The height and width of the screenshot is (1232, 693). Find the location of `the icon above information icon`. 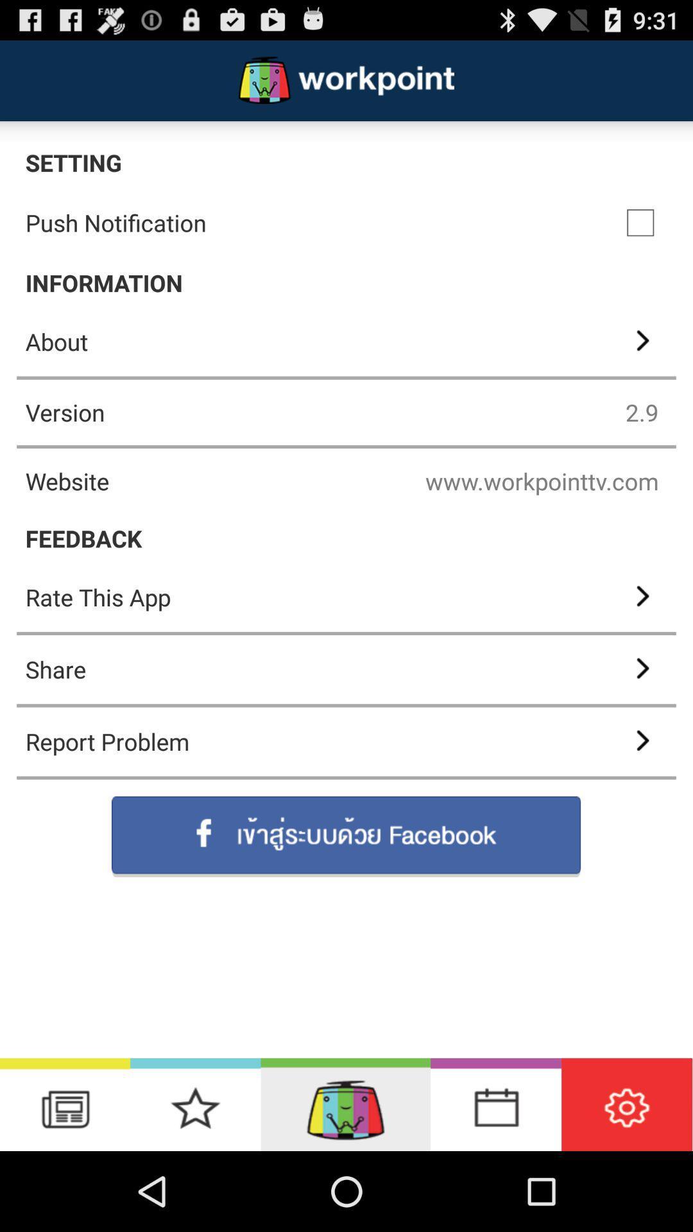

the icon above information icon is located at coordinates (640, 223).